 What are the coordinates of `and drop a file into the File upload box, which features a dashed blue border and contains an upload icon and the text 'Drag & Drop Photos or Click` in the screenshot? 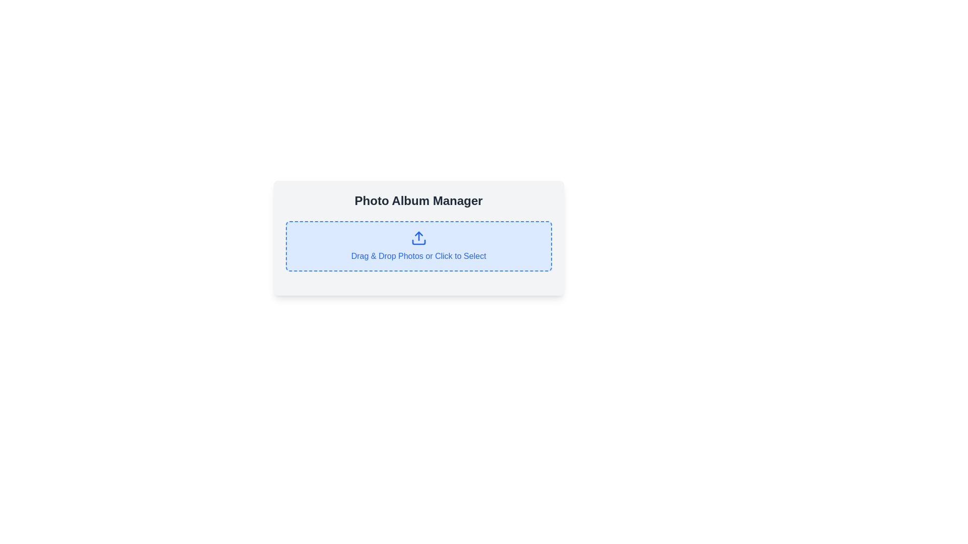 It's located at (418, 246).